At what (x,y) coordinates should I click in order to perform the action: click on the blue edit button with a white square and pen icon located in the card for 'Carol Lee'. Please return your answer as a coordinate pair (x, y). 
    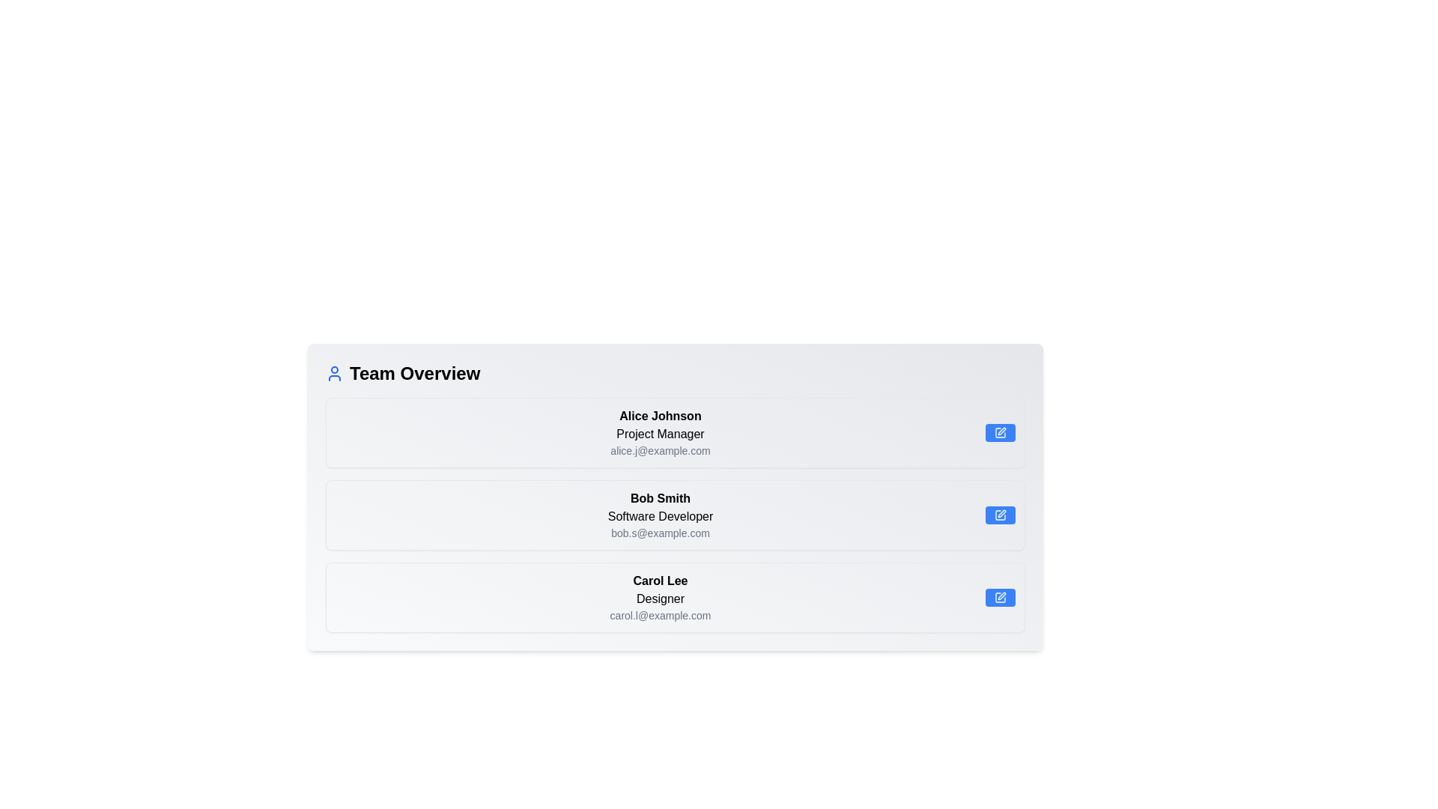
    Looking at the image, I should click on (1000, 597).